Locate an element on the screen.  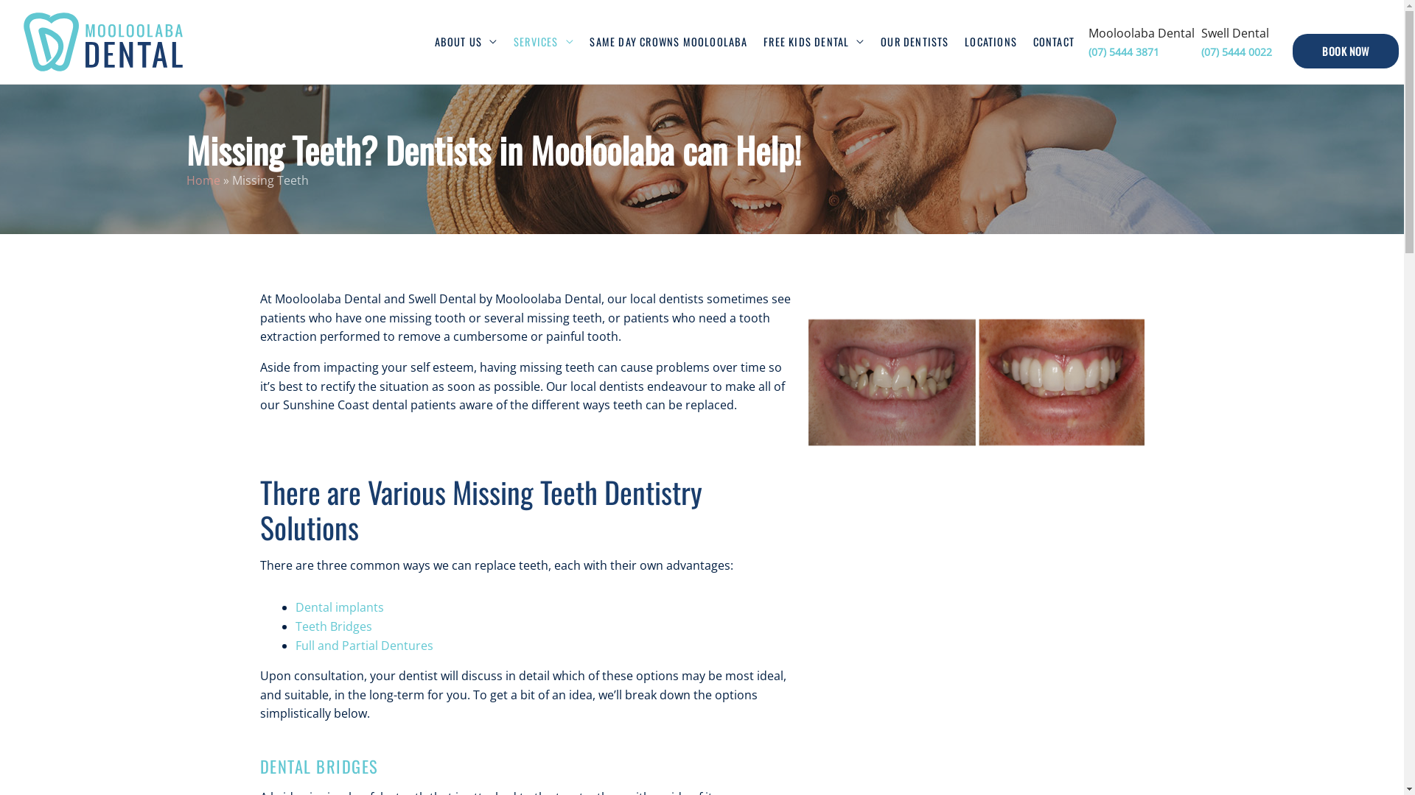
'SAME DAY CROWNS MOOLOOLABA' is located at coordinates (668, 41).